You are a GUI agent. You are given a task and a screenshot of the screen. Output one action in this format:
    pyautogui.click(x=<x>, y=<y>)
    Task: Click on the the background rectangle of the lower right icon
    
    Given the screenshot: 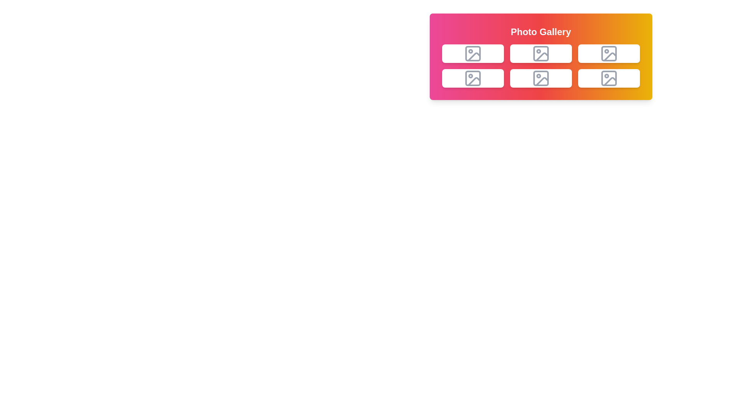 What is the action you would take?
    pyautogui.click(x=540, y=78)
    